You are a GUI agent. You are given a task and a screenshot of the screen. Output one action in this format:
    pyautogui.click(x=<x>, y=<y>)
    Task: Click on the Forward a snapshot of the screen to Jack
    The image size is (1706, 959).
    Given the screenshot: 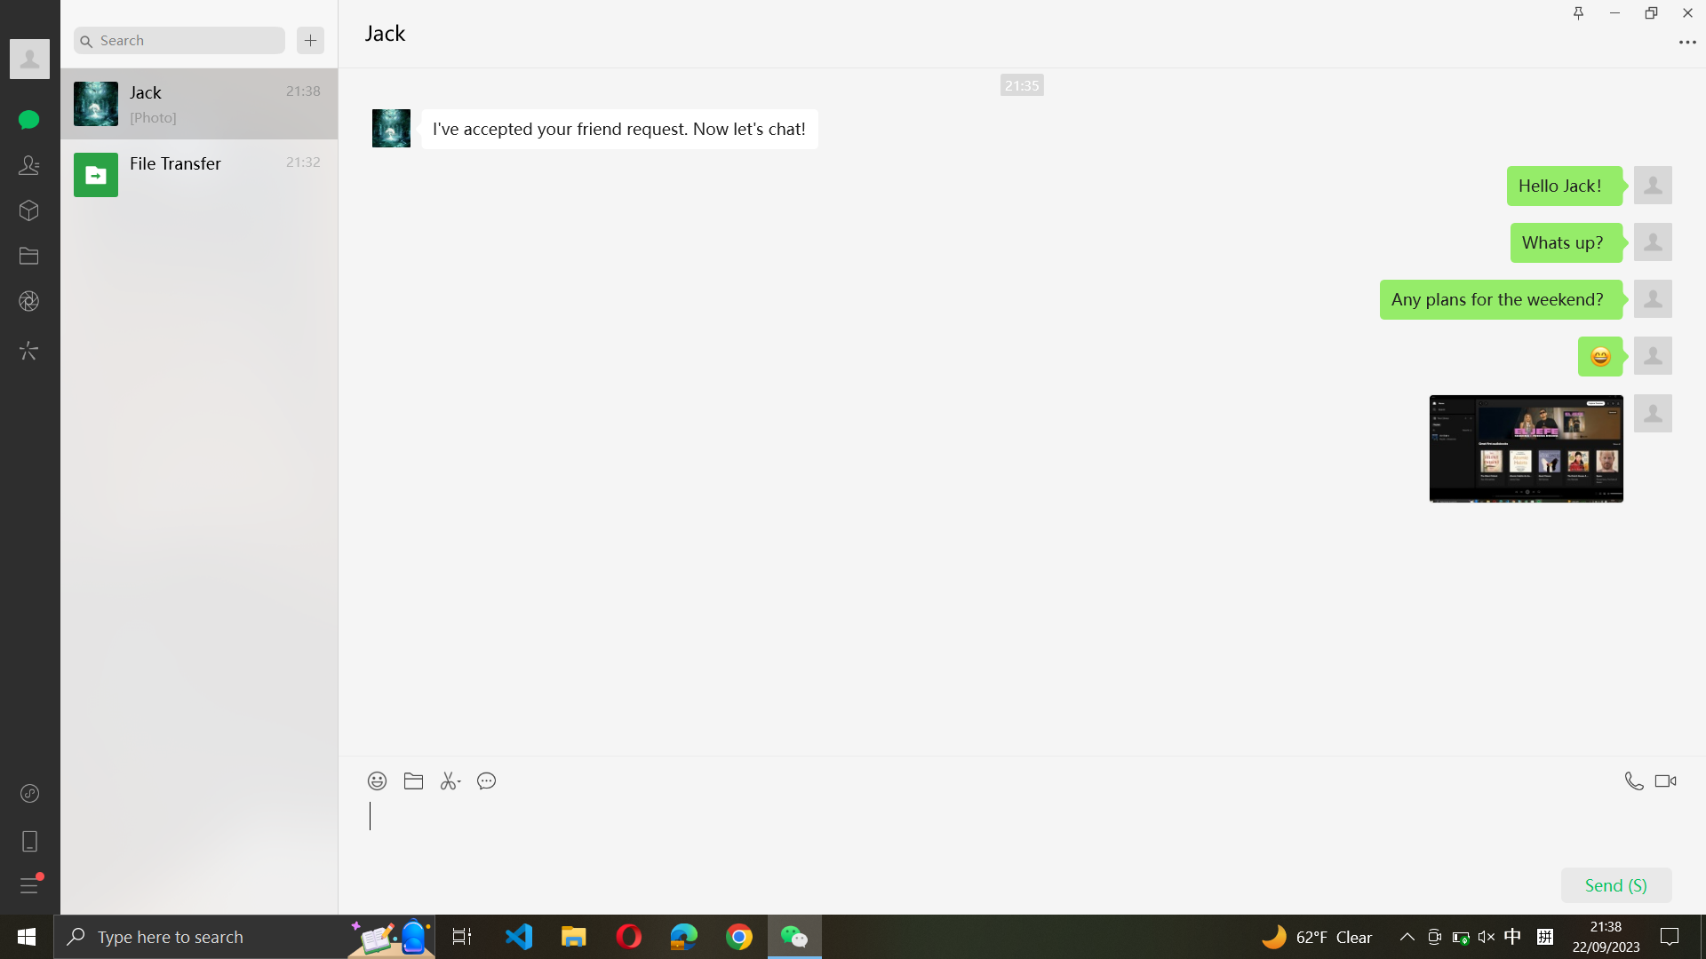 What is the action you would take?
    pyautogui.click(x=452, y=775)
    